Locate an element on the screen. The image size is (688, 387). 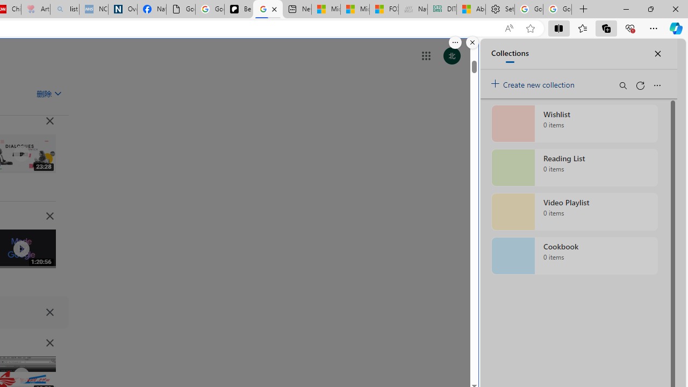
'FOX News - MSN' is located at coordinates (384, 9).